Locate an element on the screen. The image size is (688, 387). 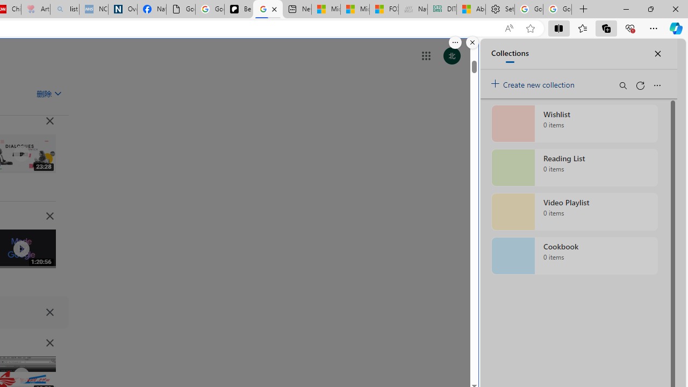
'FOX News - MSN' is located at coordinates (384, 9).